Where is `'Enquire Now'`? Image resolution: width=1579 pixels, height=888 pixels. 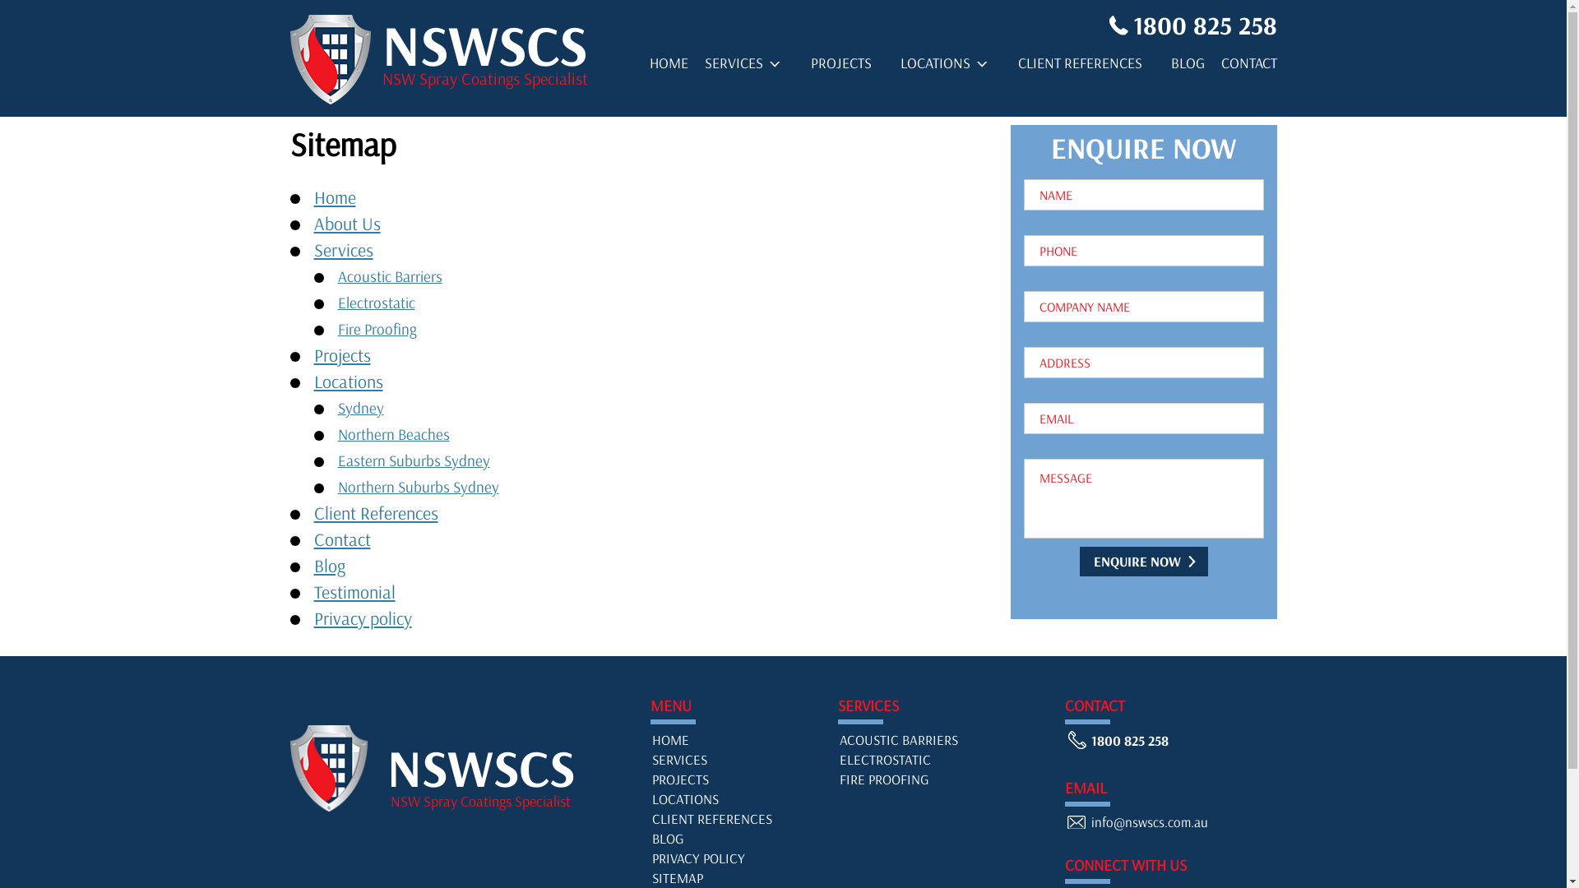
'Enquire Now' is located at coordinates (1142, 560).